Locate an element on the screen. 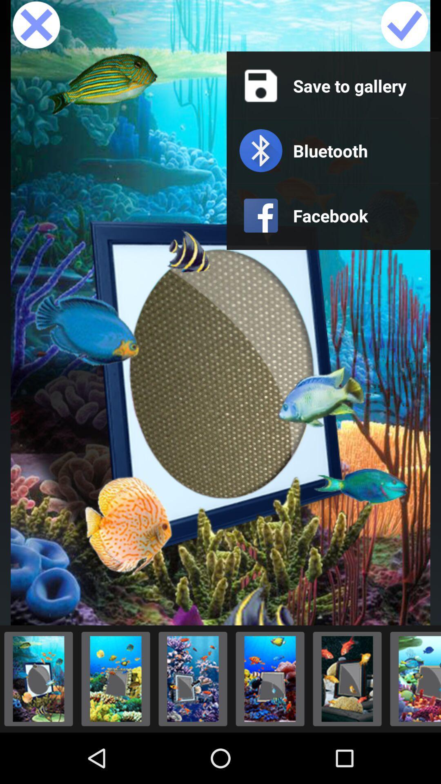 This screenshot has width=441, height=784. enlarge image is located at coordinates (347, 679).